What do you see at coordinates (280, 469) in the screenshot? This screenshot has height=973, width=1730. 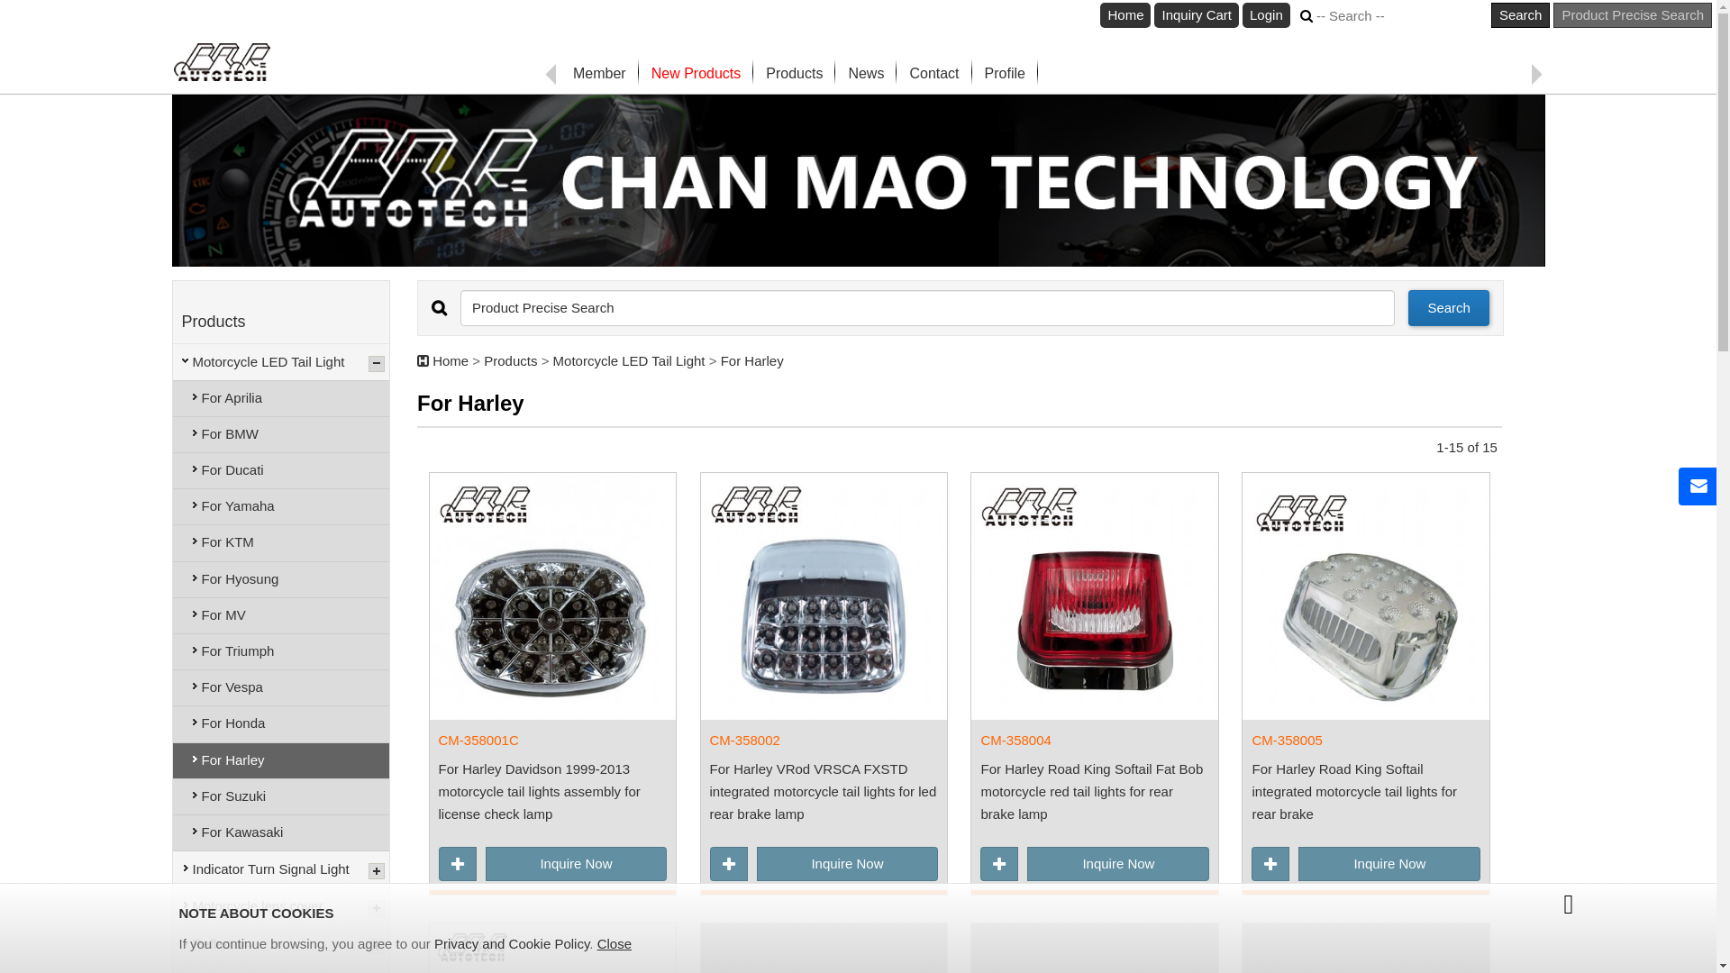 I see `'For Ducati'` at bounding box center [280, 469].